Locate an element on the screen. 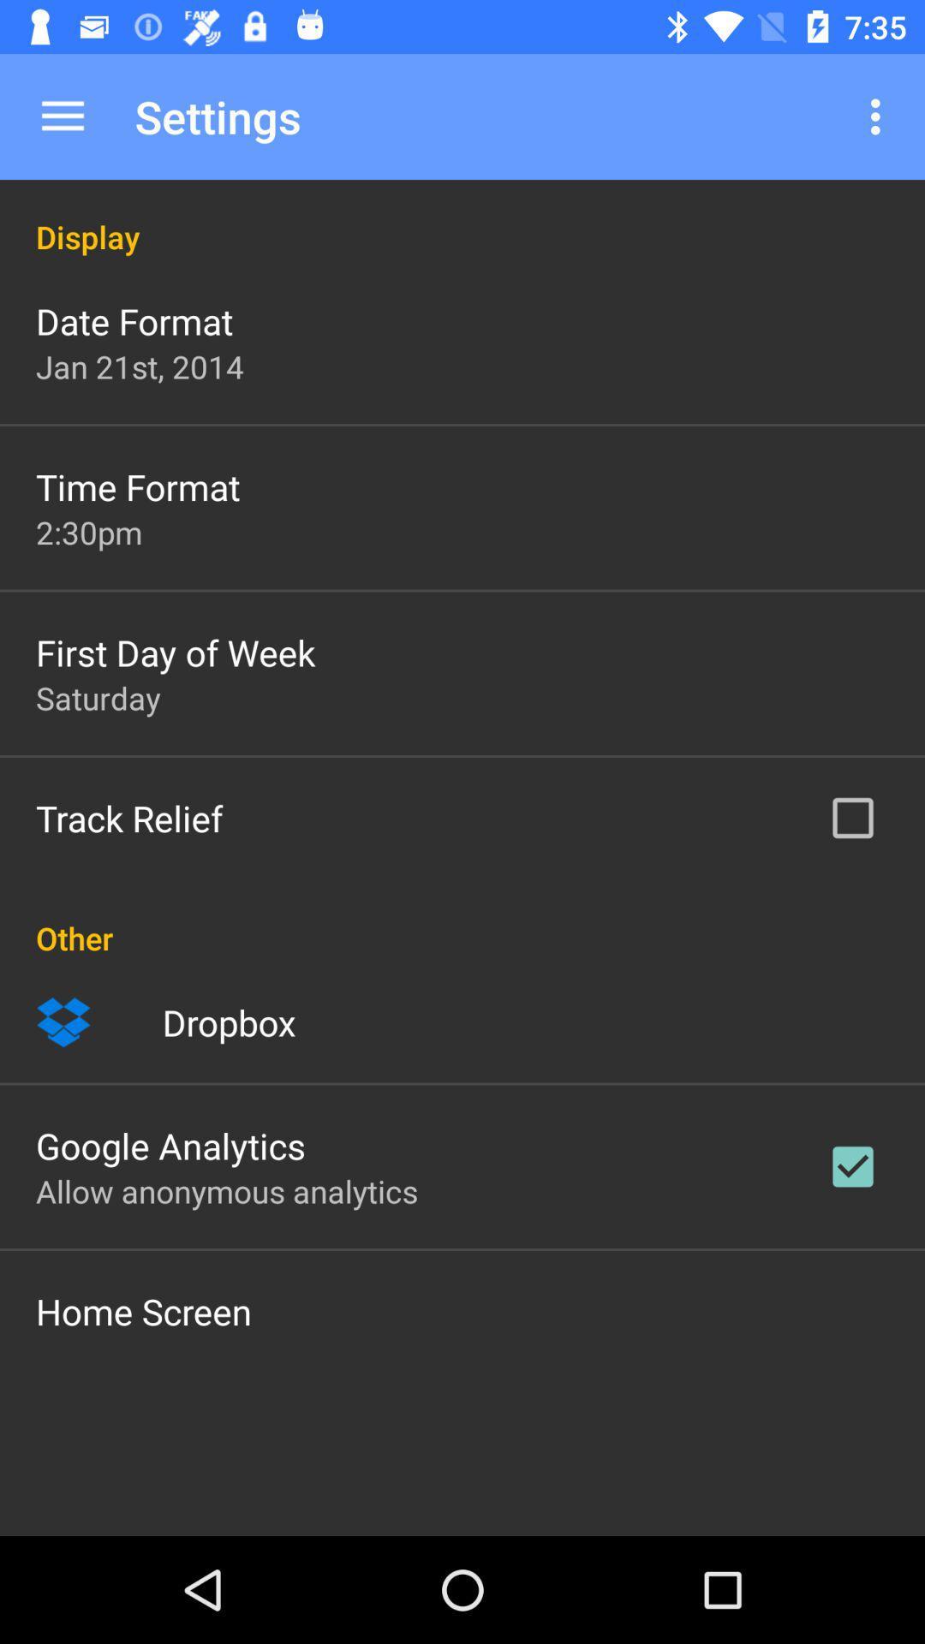 Image resolution: width=925 pixels, height=1644 pixels. the item below the other icon is located at coordinates (63, 1022).